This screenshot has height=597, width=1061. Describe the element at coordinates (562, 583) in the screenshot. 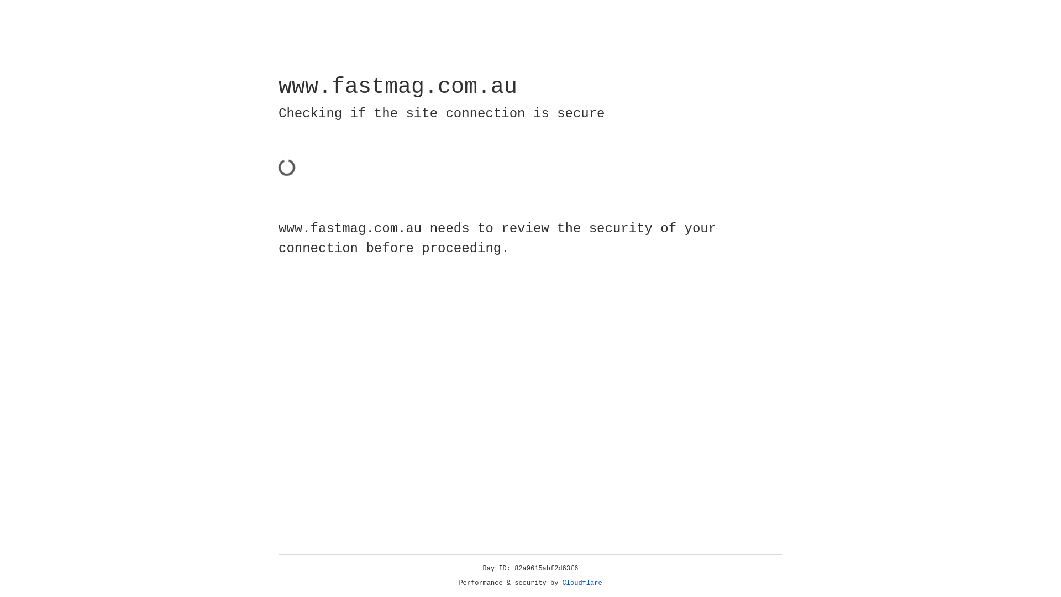

I see `'Cloudflare'` at that location.